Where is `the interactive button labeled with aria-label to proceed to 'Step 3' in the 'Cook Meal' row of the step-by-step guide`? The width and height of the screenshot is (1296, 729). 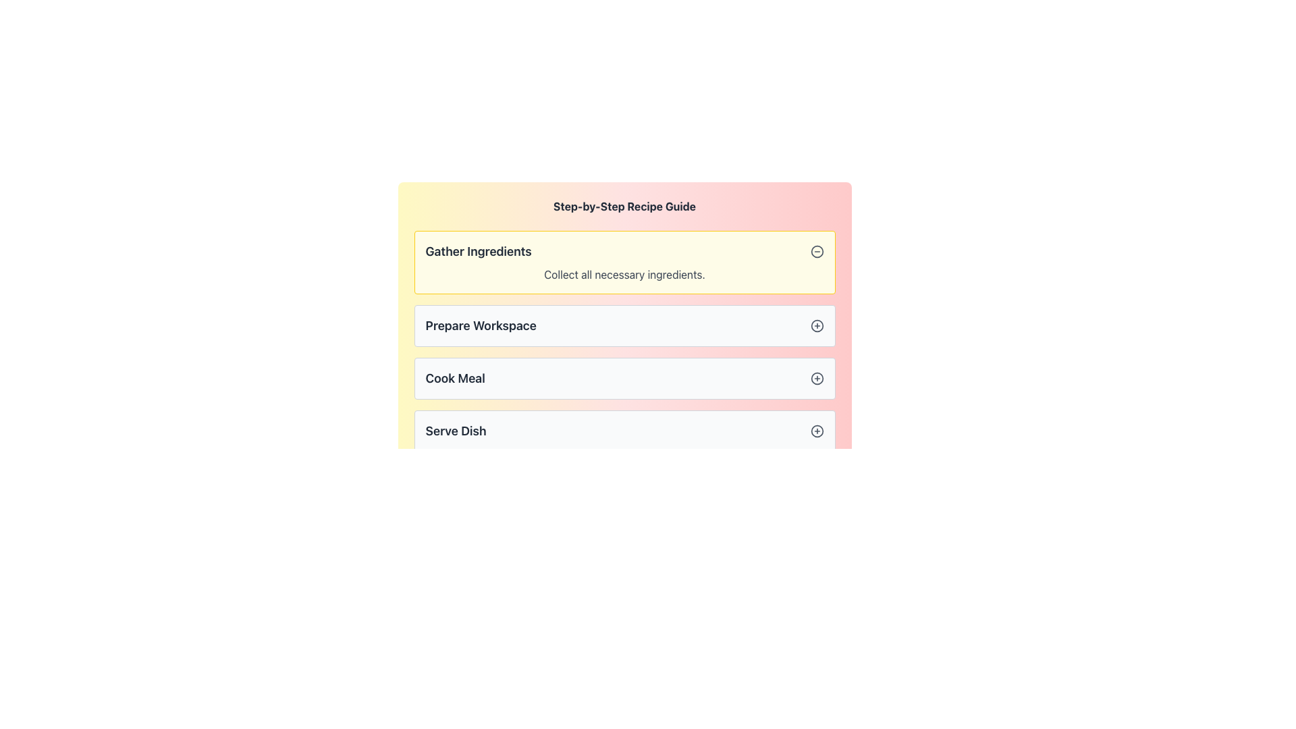 the interactive button labeled with aria-label to proceed to 'Step 3' in the 'Cook Meal' row of the step-by-step guide is located at coordinates (816, 378).